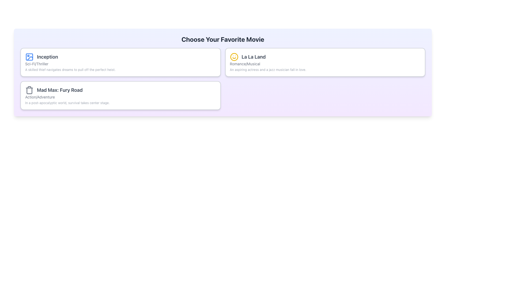 This screenshot has height=289, width=514. I want to click on the text label that reads 'La La Land', which is styled bold and prominently displayed in the middle-right section of the card layout, so click(247, 57).